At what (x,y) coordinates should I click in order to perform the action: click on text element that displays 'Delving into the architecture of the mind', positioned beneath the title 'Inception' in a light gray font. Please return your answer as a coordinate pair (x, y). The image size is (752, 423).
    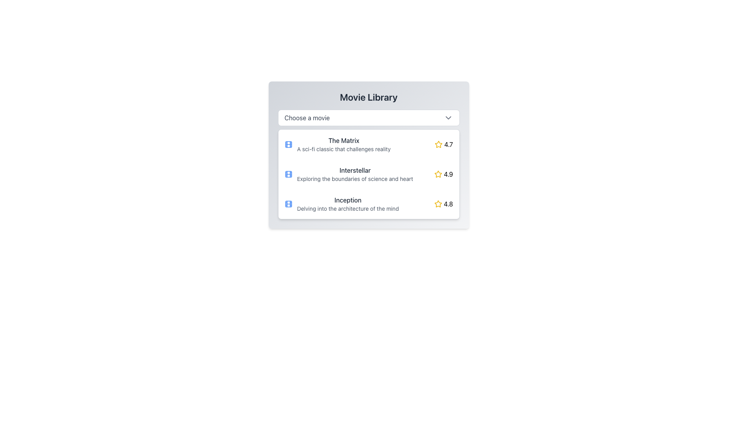
    Looking at the image, I should click on (347, 208).